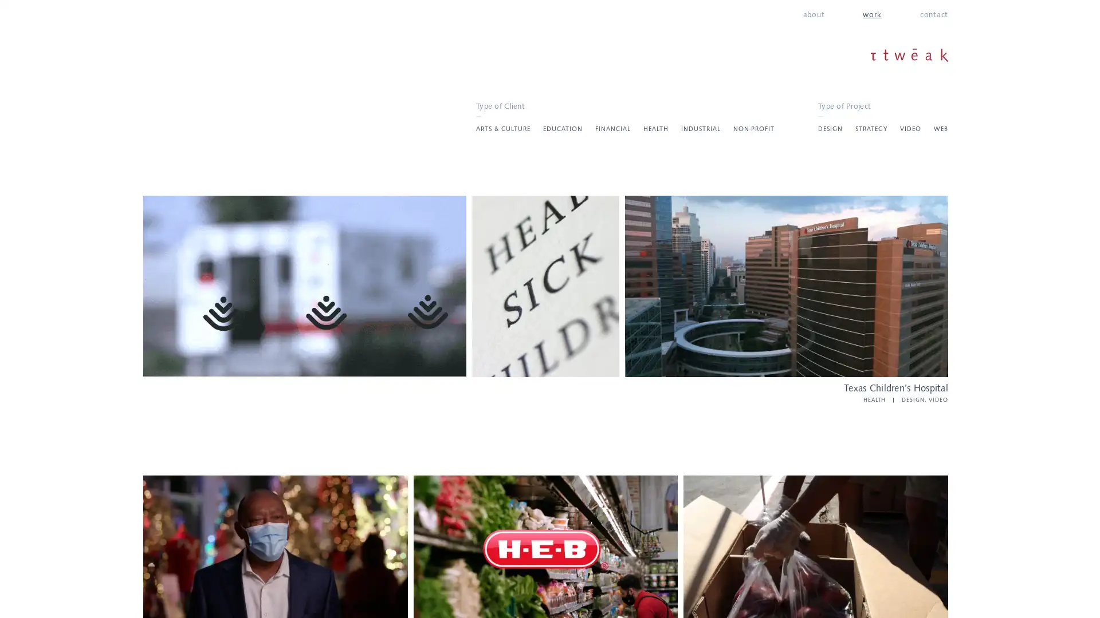 This screenshot has width=1100, height=618. I want to click on VIDEO, so click(910, 129).